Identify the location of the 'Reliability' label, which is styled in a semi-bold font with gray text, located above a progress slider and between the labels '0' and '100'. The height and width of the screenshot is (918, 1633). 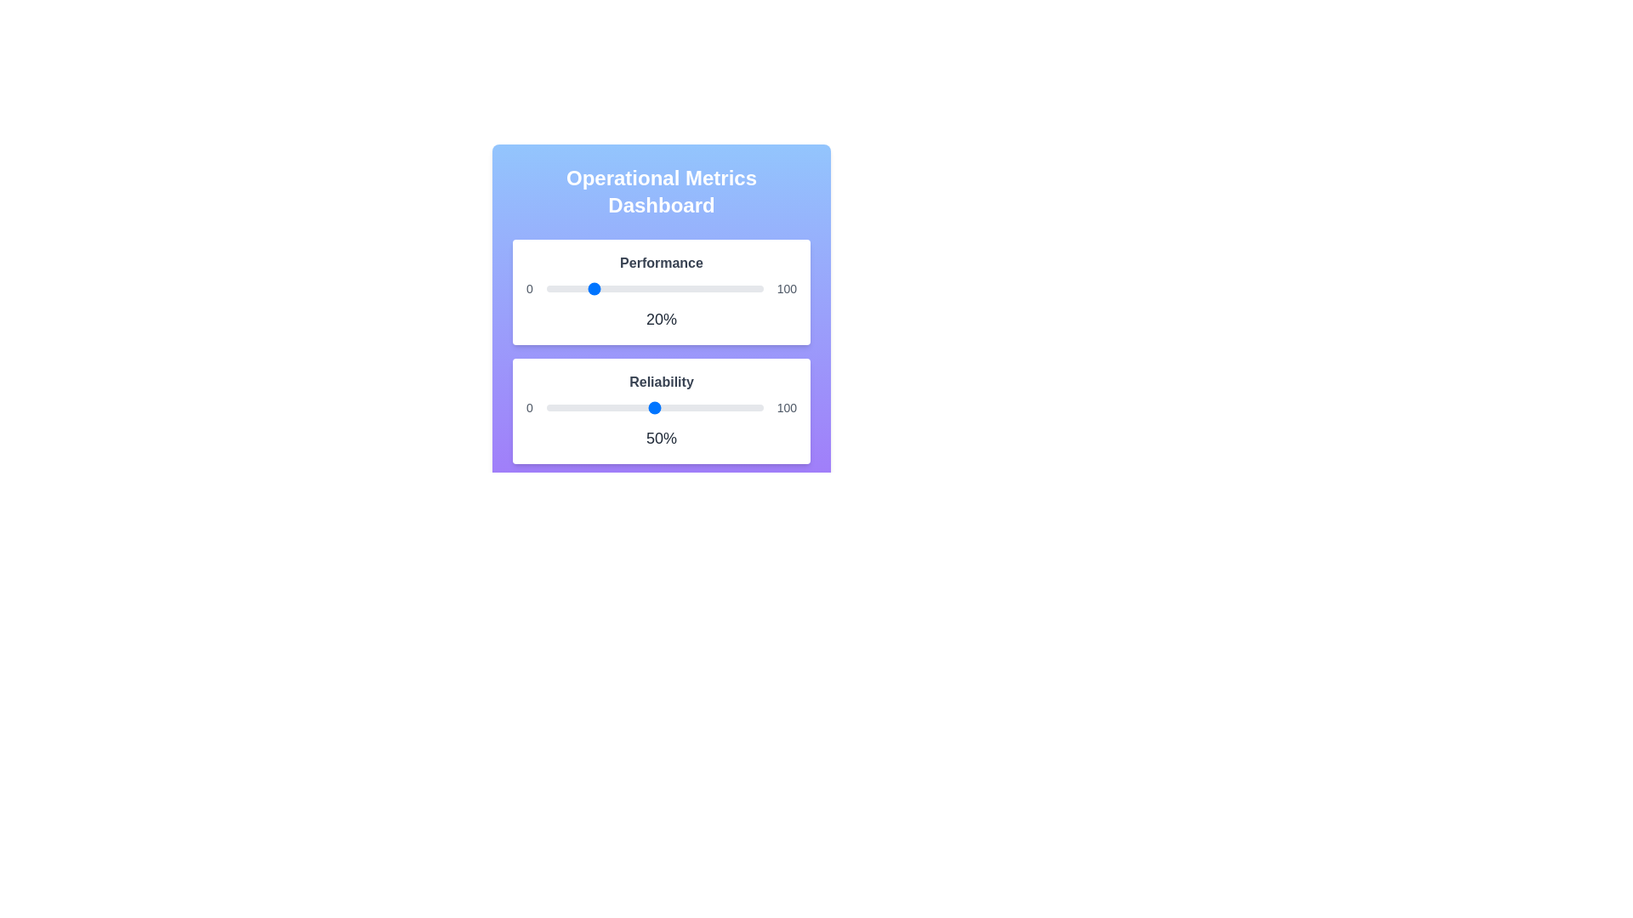
(660, 382).